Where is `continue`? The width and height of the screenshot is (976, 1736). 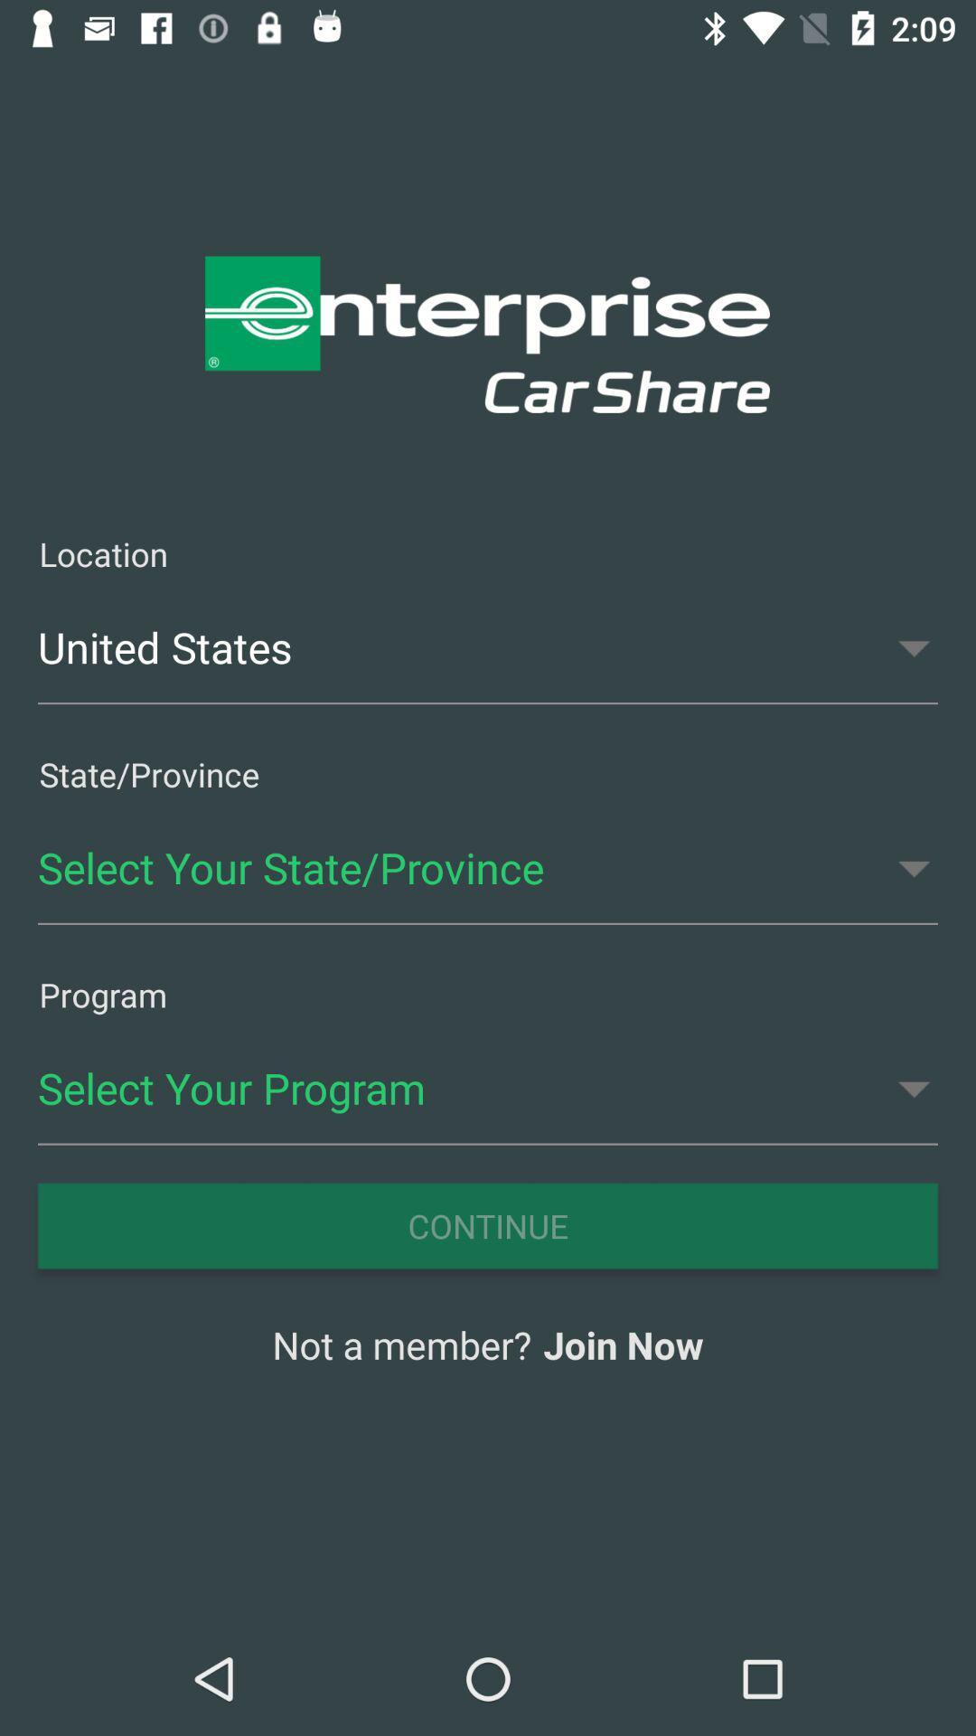 continue is located at coordinates (488, 1225).